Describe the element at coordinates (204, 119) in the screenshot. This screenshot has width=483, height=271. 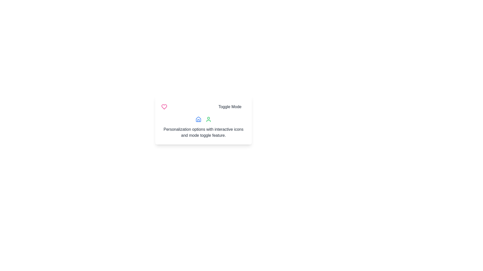
I see `the blue house icon in the interactive visual icons for toggling or selection element located beneath 'Toggle Mode'` at that location.